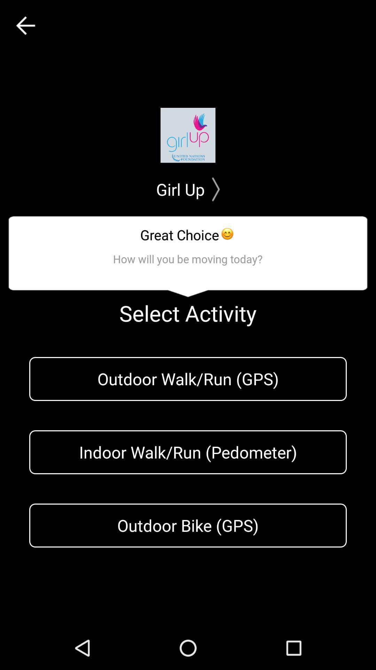 Image resolution: width=376 pixels, height=670 pixels. What do you see at coordinates (25, 25) in the screenshot?
I see `back button` at bounding box center [25, 25].